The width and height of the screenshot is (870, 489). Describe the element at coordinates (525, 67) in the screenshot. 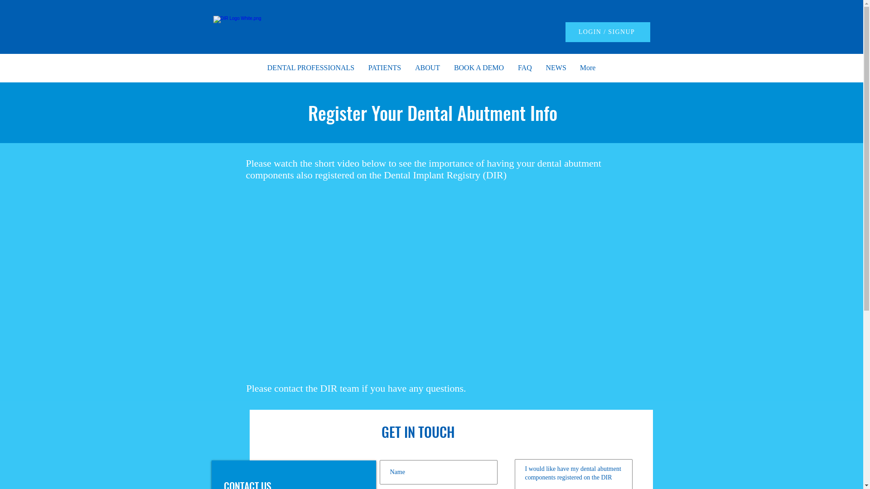

I see `'FAQ'` at that location.